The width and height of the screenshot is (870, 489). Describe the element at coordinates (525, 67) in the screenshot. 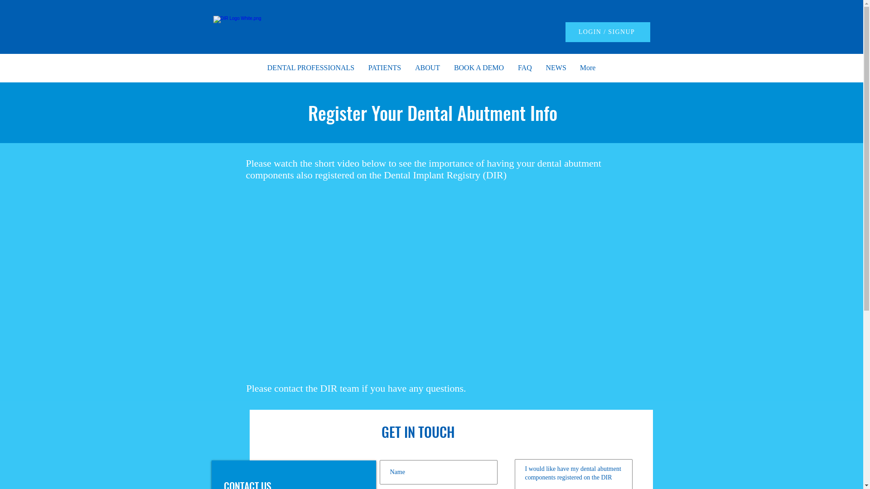

I see `'FAQ'` at that location.